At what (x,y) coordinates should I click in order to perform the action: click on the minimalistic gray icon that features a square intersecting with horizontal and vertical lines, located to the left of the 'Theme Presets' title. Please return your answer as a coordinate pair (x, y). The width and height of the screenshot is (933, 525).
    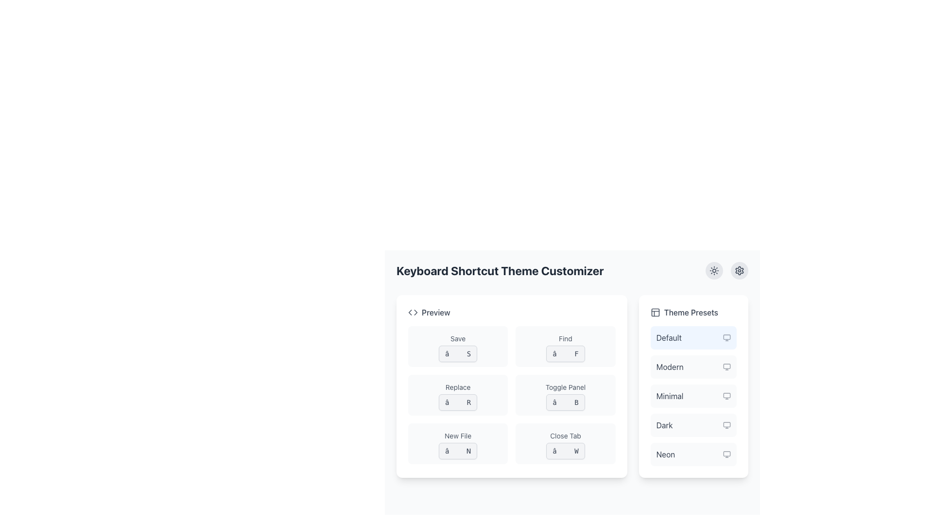
    Looking at the image, I should click on (655, 313).